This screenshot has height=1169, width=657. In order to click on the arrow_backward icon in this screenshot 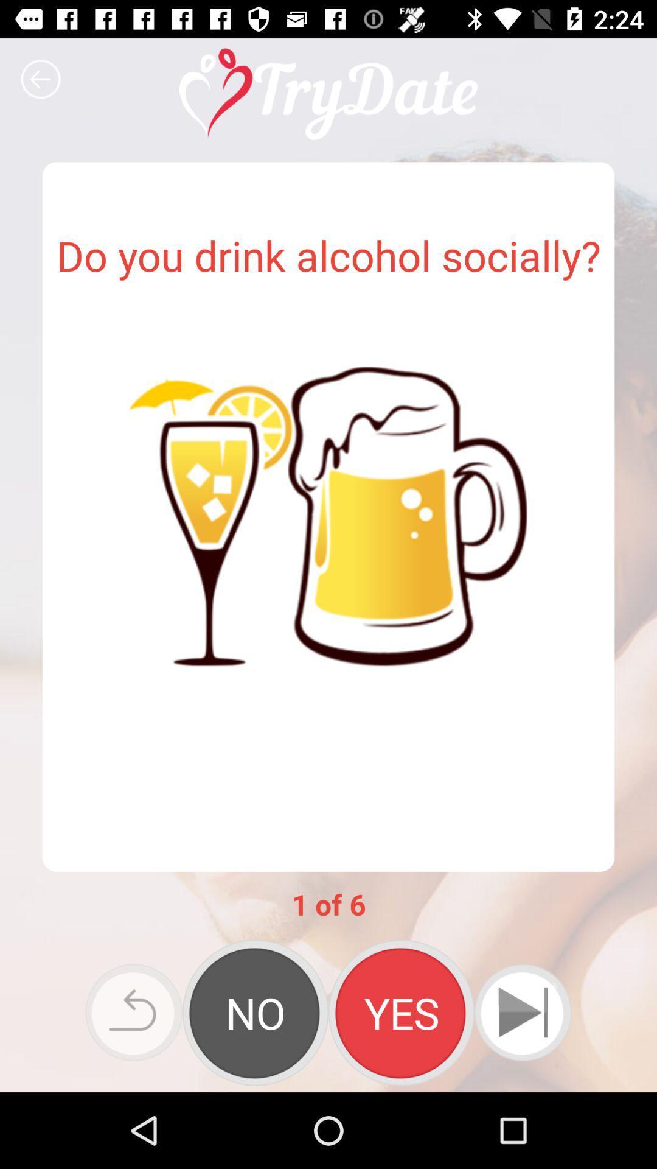, I will do `click(40, 79)`.